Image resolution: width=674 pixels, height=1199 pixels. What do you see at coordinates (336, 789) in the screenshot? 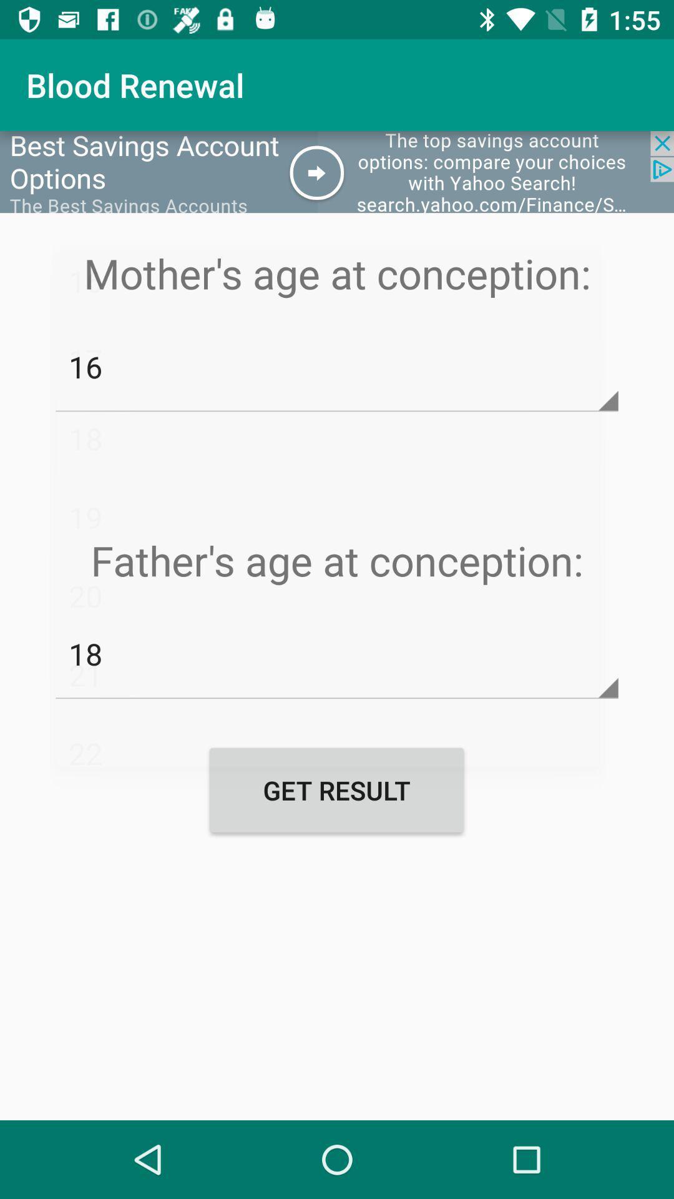
I see `the get result button` at bounding box center [336, 789].